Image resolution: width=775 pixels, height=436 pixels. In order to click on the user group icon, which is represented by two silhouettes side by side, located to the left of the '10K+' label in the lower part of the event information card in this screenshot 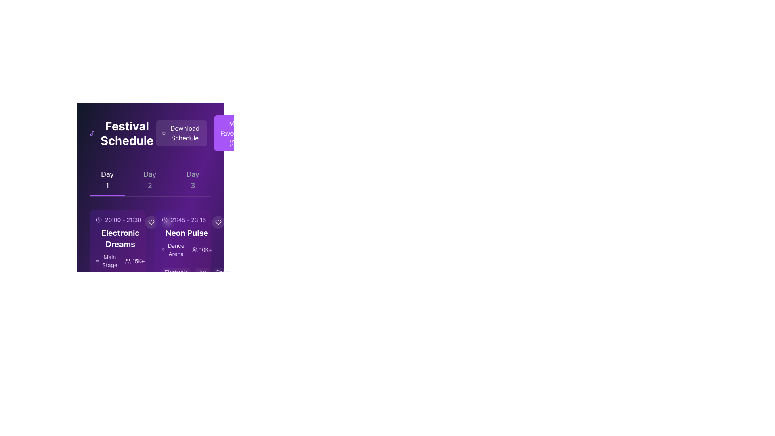, I will do `click(195, 249)`.